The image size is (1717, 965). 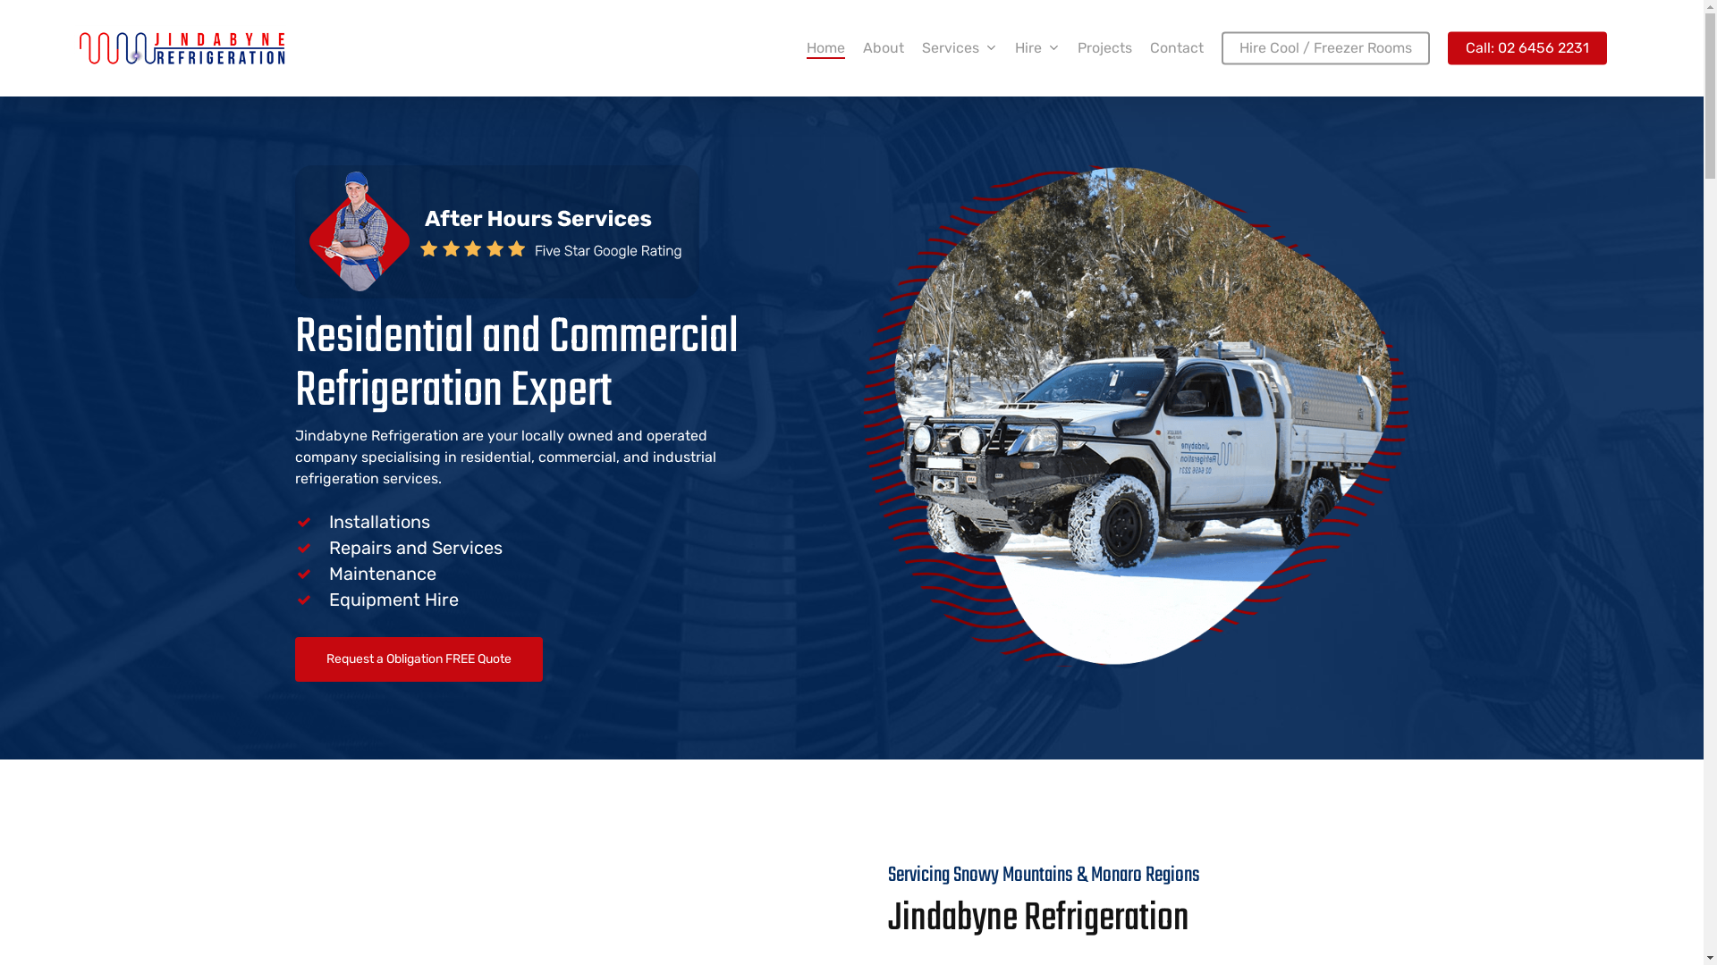 I want to click on 'Hire Cool / Freezer Rooms', so click(x=1221, y=47).